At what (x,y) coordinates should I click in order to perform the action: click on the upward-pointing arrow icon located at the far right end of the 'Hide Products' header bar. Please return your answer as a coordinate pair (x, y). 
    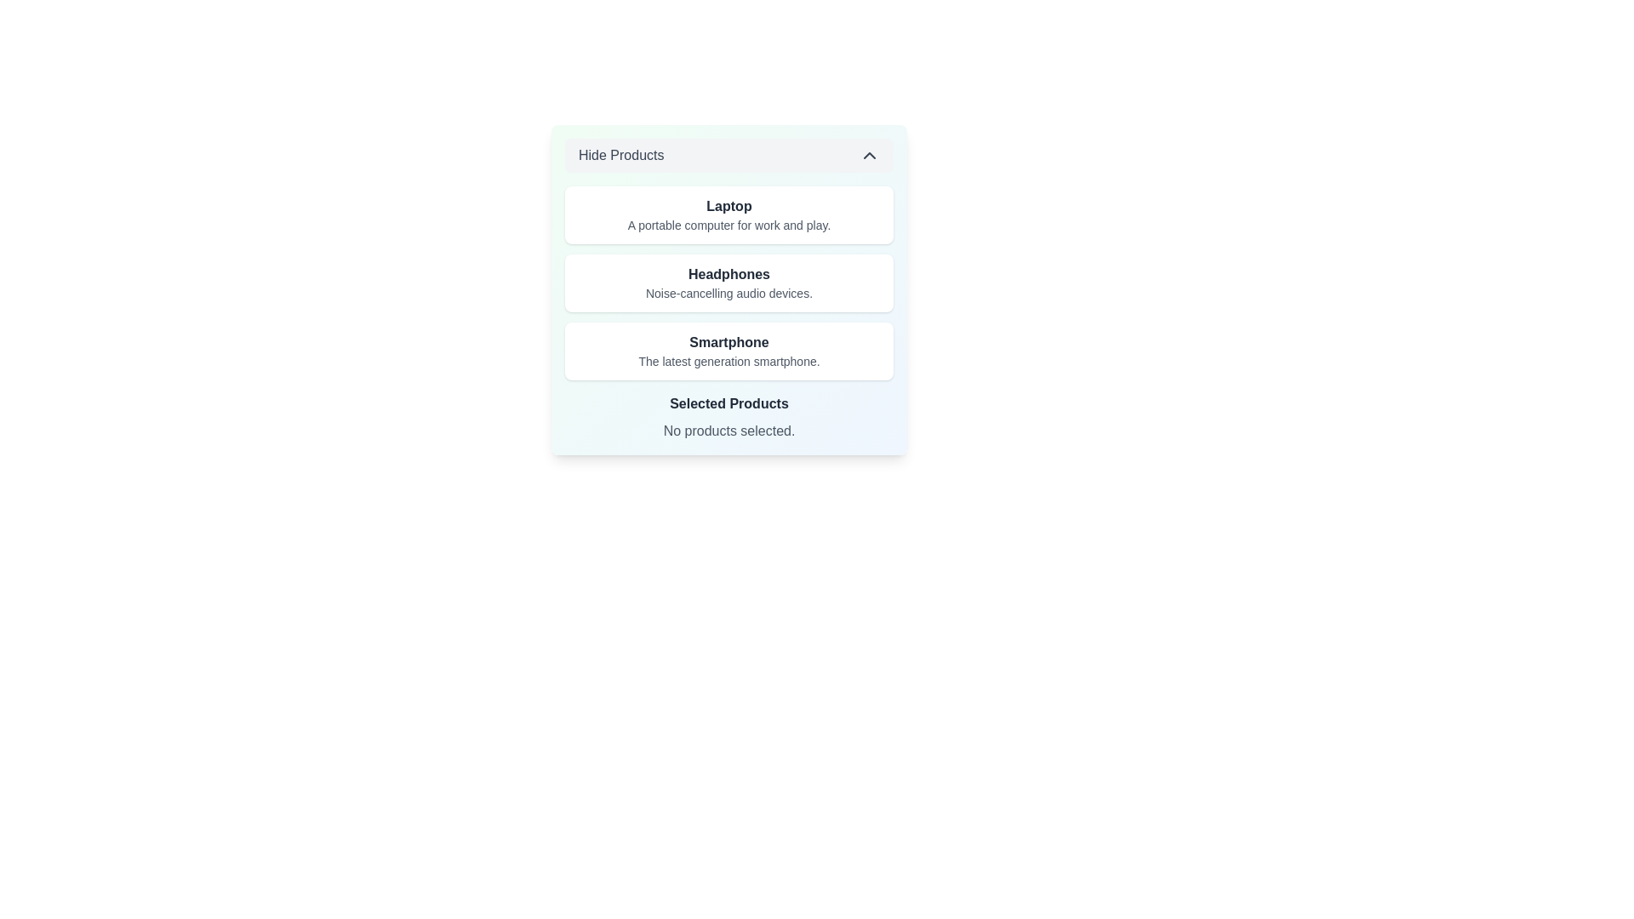
    Looking at the image, I should click on (870, 155).